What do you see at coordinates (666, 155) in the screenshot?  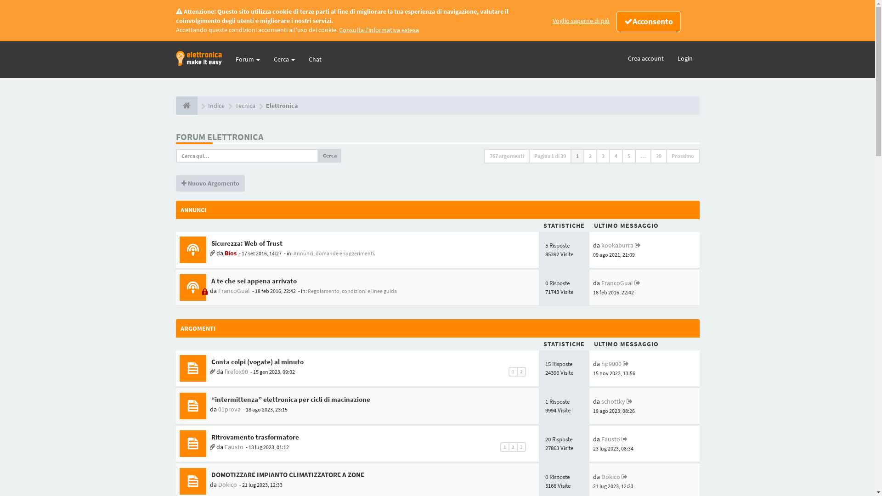 I see `'Prossimo'` at bounding box center [666, 155].